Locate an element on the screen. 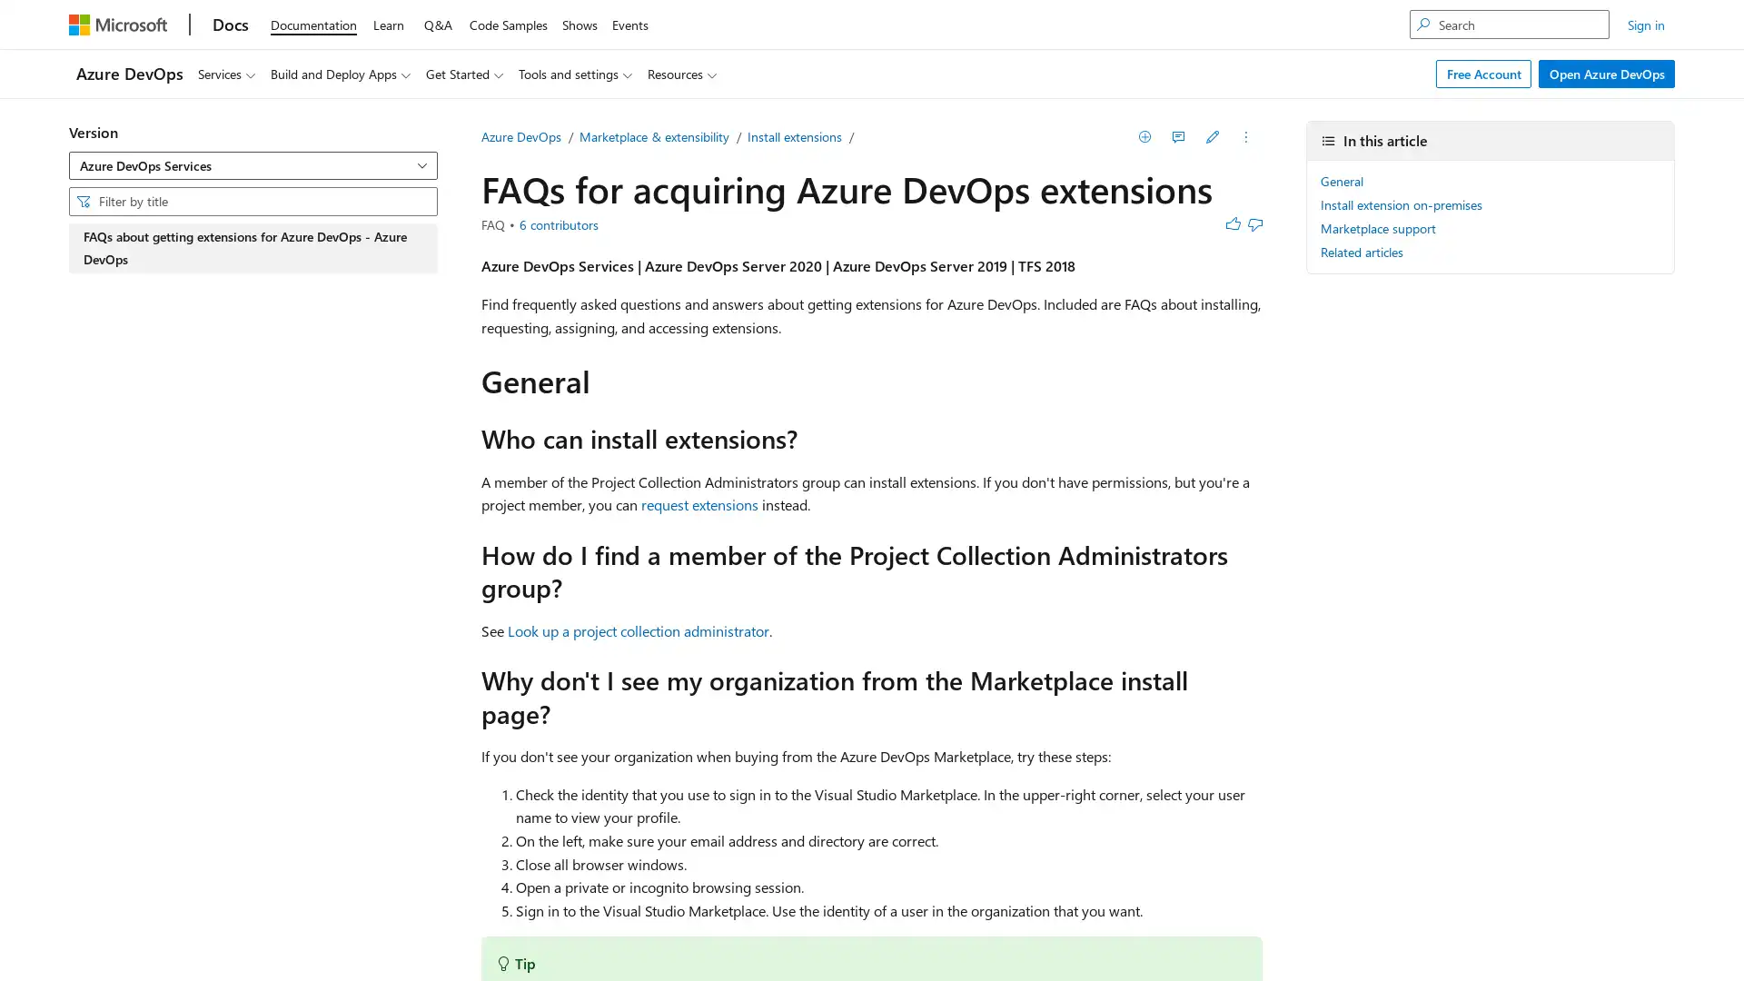 The image size is (1744, 981). View all contributors is located at coordinates (558, 223).